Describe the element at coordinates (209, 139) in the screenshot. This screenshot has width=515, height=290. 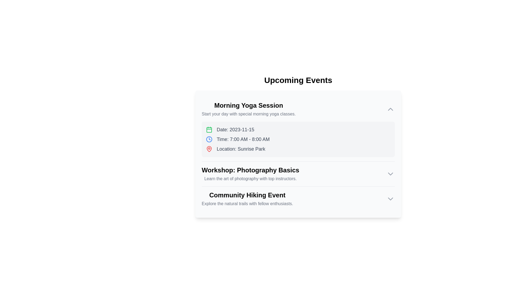
I see `the time icon located to the left of the text 'Time: 7:00 AM - 8:00 AM'` at that location.